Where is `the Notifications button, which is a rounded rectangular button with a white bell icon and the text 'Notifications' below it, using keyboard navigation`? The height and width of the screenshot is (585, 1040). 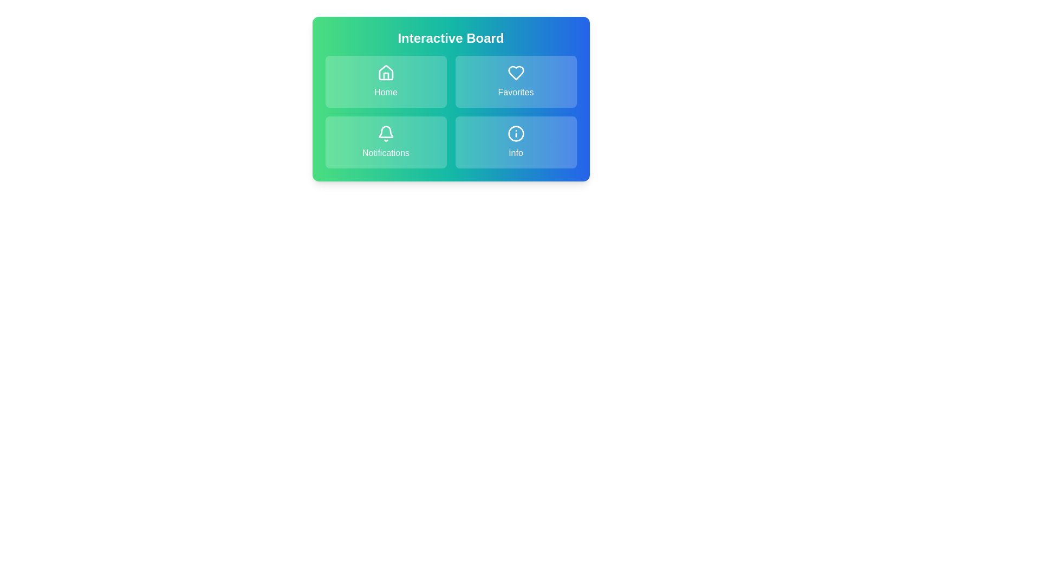
the Notifications button, which is a rounded rectangular button with a white bell icon and the text 'Notifications' below it, using keyboard navigation is located at coordinates (386, 141).